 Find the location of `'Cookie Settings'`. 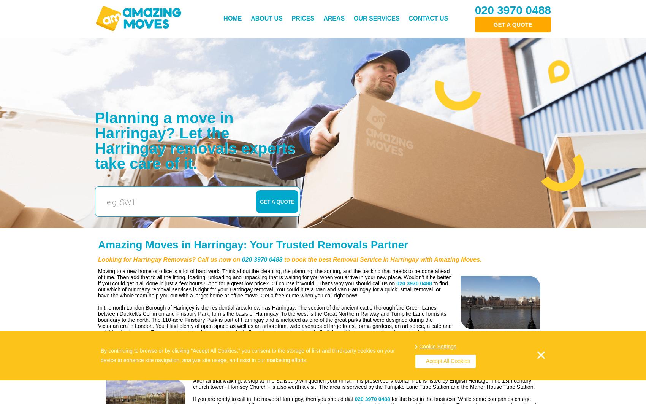

'Cookie Settings' is located at coordinates (437, 346).